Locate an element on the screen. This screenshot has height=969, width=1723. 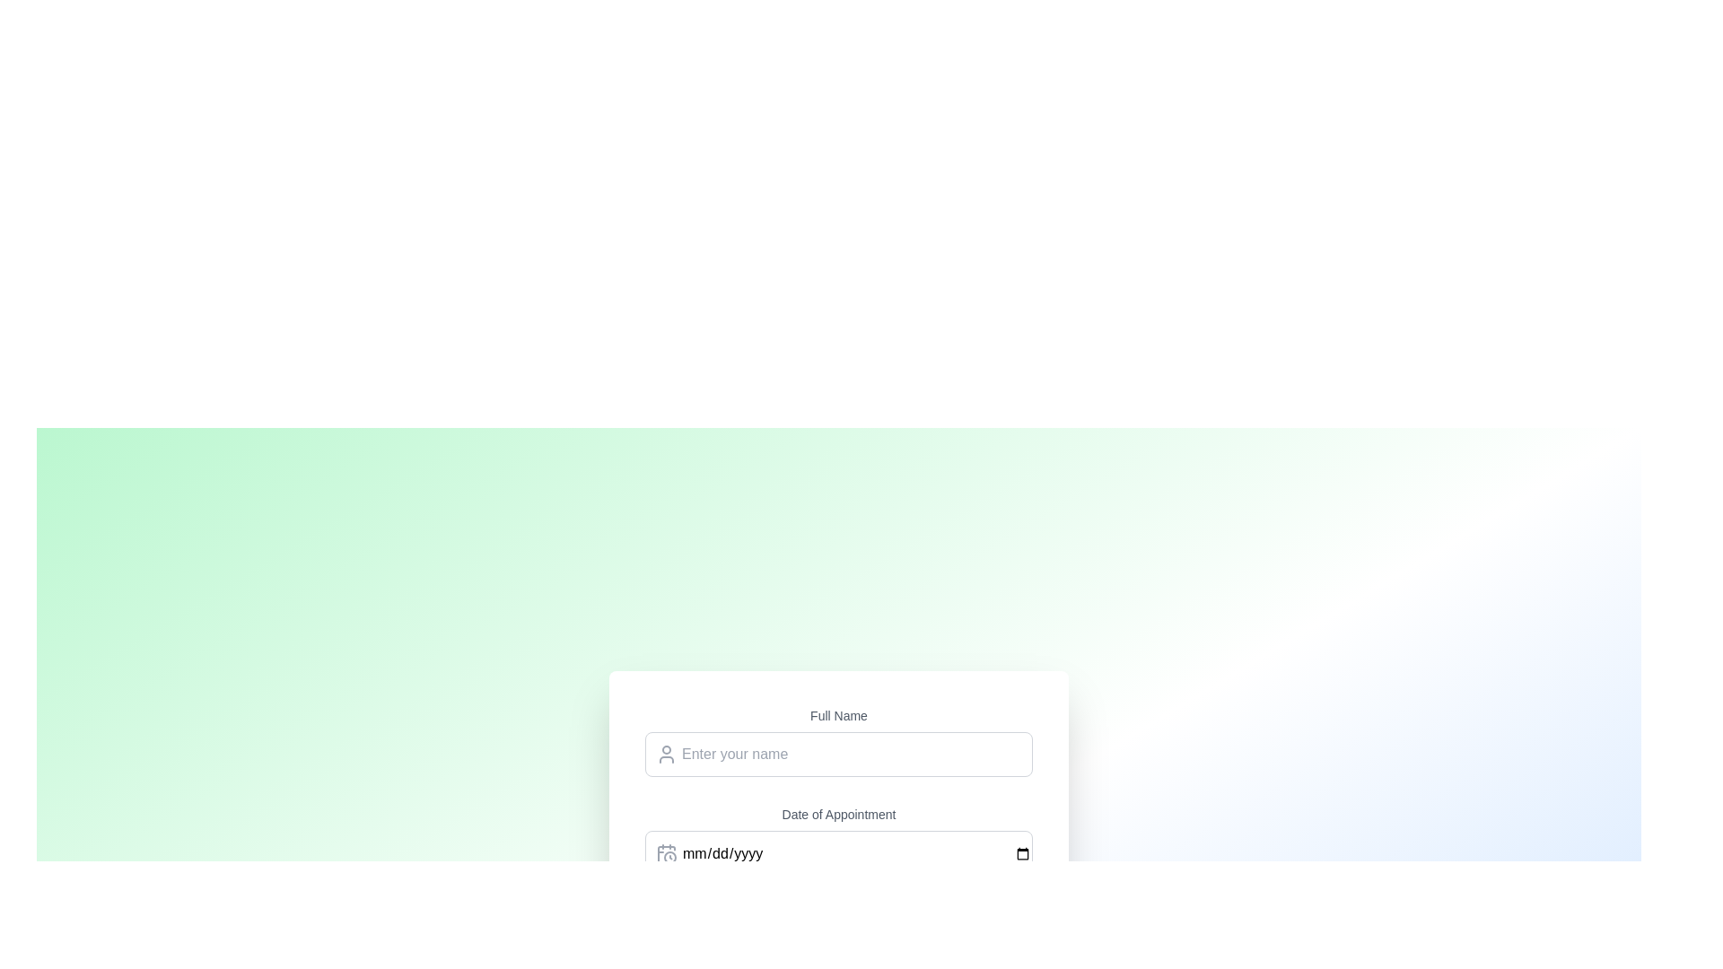
the 'Full Name' label, which is a small, gray, medium-weight text label positioned at the top of a form field is located at coordinates (838, 714).